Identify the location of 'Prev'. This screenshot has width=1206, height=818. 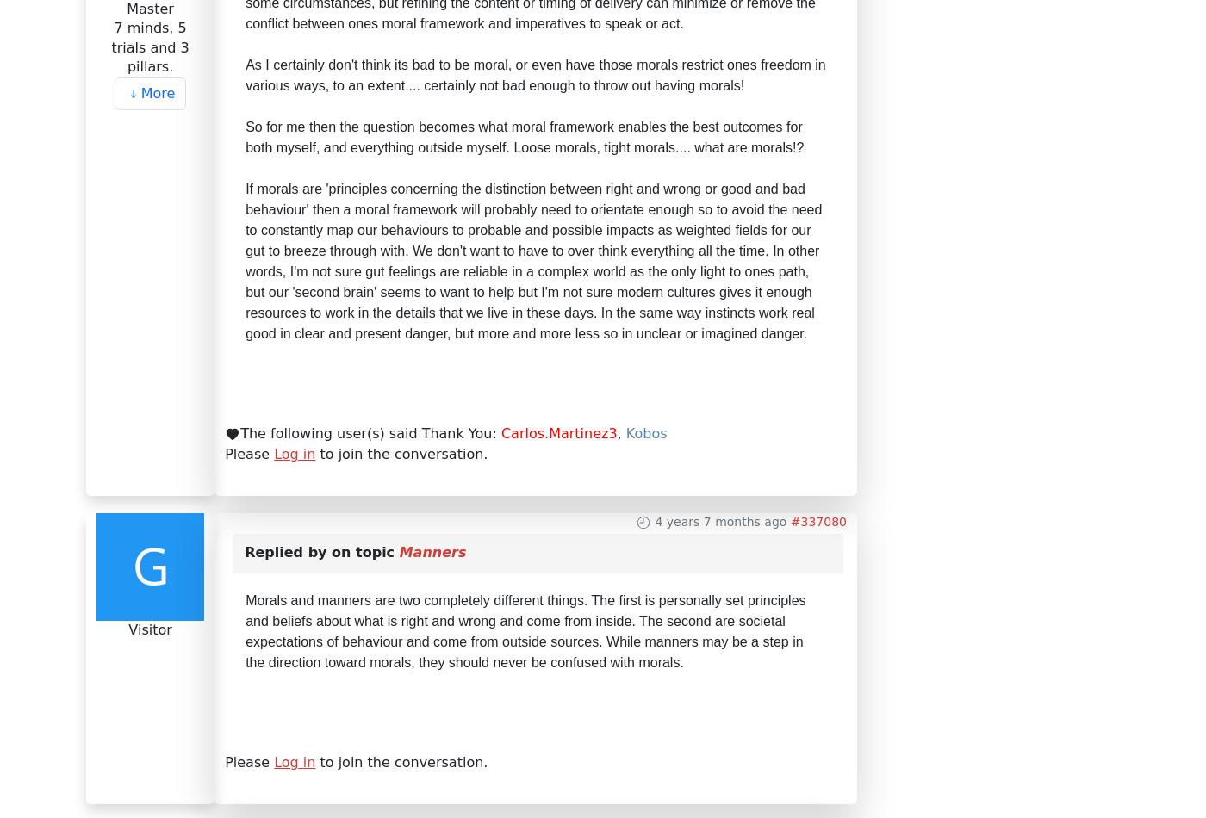
(167, 285).